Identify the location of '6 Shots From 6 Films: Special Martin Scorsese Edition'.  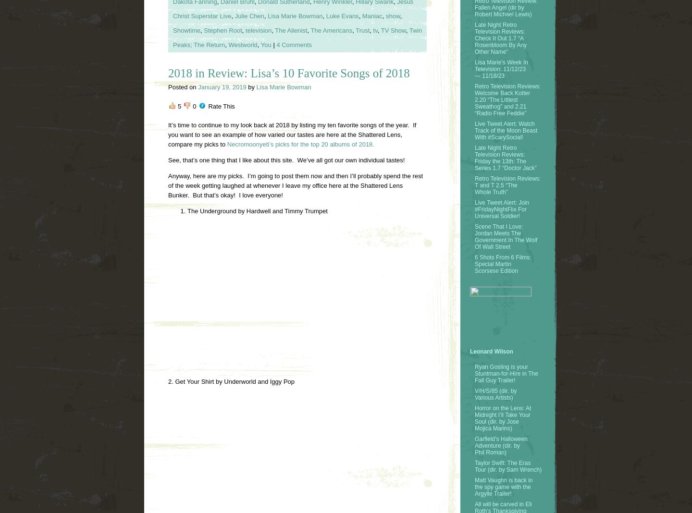
(503, 263).